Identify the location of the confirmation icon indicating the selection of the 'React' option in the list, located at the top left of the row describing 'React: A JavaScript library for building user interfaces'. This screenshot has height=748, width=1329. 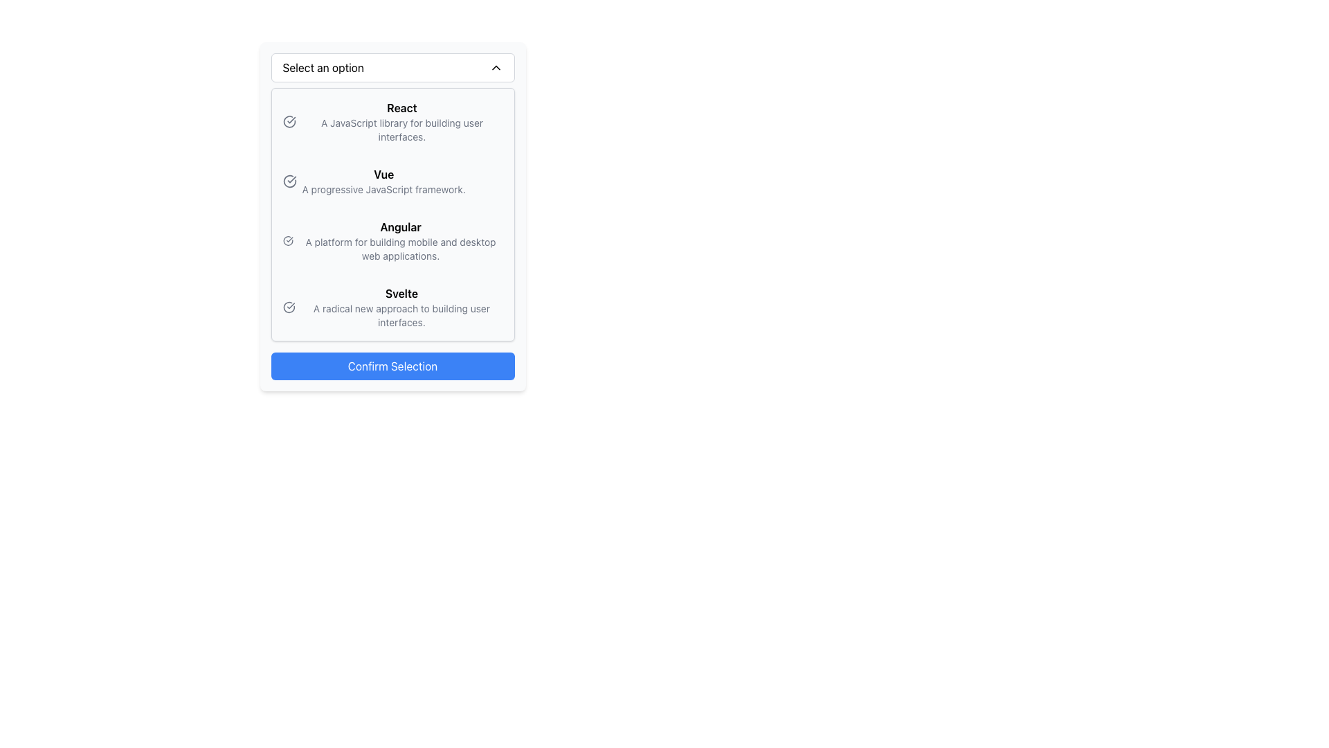
(288, 121).